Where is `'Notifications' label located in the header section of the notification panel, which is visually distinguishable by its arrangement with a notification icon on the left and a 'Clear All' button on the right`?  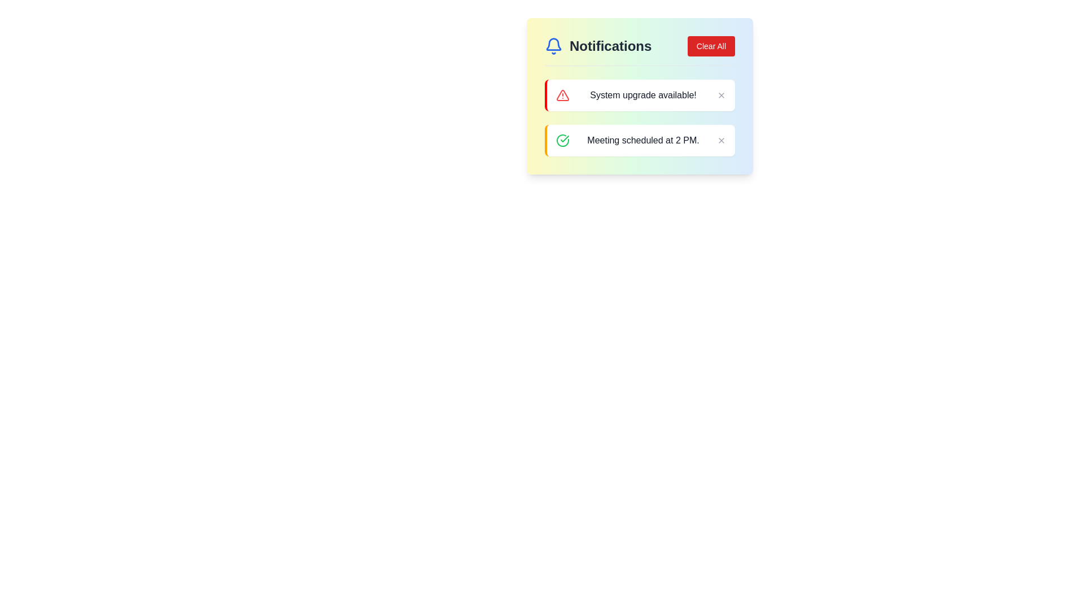
'Notifications' label located in the header section of the notification panel, which is visually distinguishable by its arrangement with a notification icon on the left and a 'Clear All' button on the right is located at coordinates (640, 51).